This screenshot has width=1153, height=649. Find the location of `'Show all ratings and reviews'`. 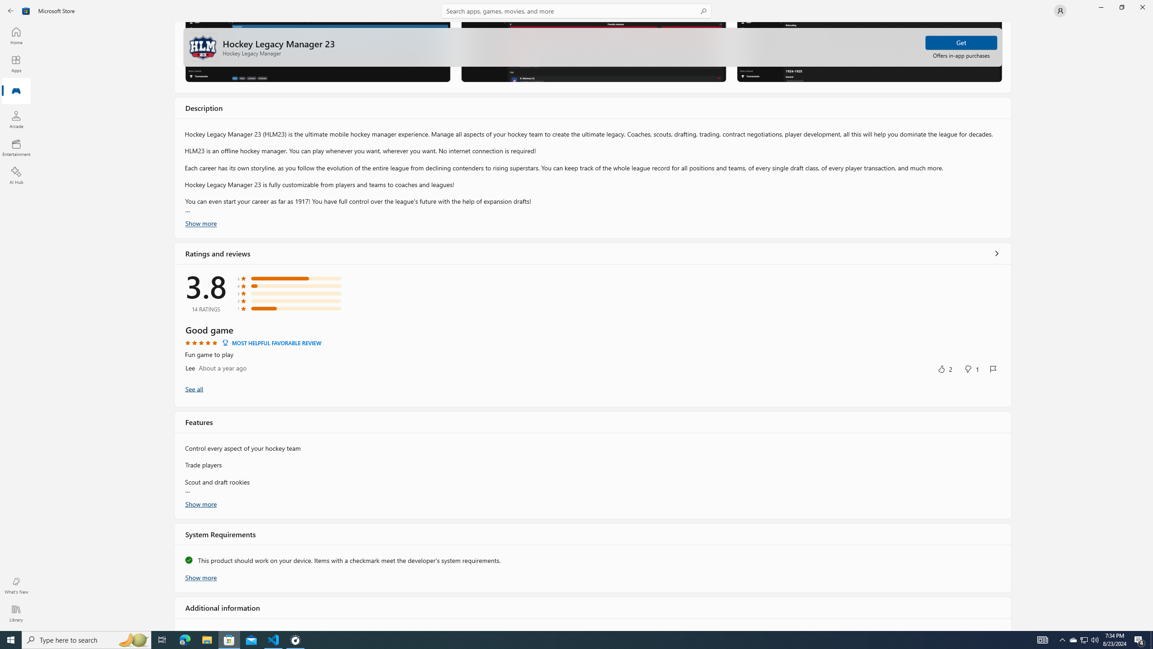

'Show all ratings and reviews' is located at coordinates (997, 252).